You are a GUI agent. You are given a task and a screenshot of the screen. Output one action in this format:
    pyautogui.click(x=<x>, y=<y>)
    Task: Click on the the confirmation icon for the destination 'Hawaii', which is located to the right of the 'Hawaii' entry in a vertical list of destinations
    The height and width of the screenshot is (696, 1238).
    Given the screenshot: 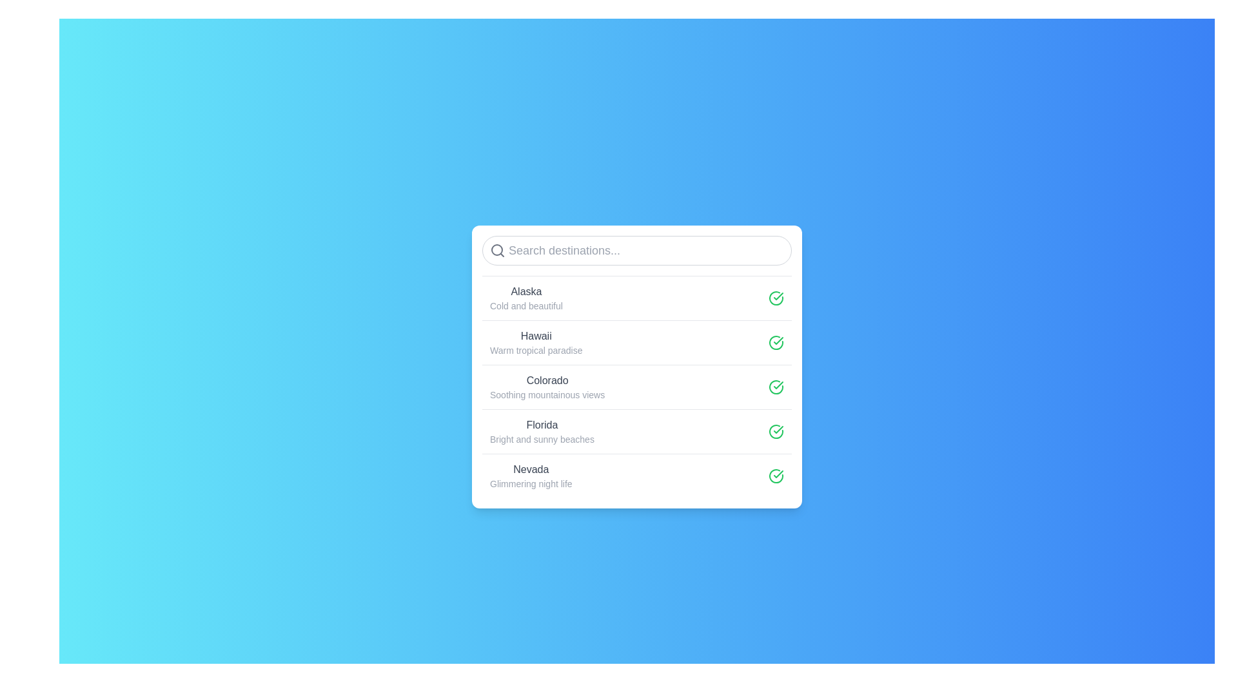 What is the action you would take?
    pyautogui.click(x=778, y=340)
    